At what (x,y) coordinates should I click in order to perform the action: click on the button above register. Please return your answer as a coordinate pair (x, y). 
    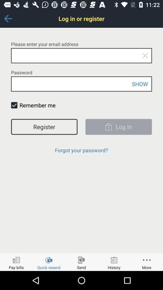
    Looking at the image, I should click on (14, 105).